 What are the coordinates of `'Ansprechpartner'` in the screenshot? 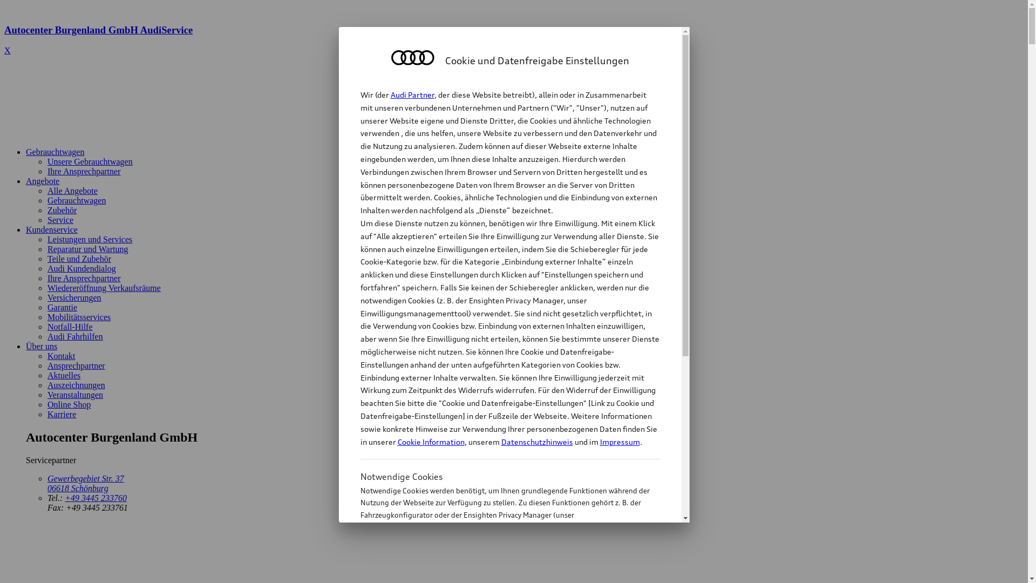 It's located at (76, 365).